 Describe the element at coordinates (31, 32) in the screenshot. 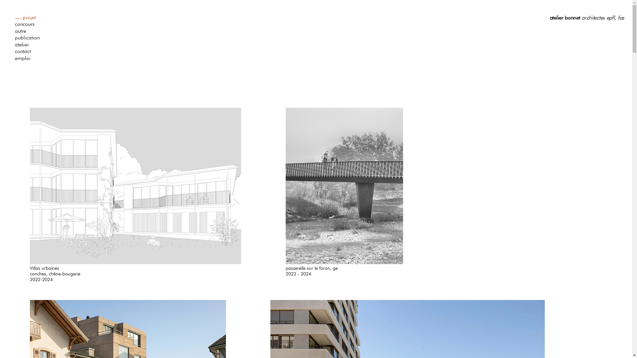

I see `'autre'` at that location.